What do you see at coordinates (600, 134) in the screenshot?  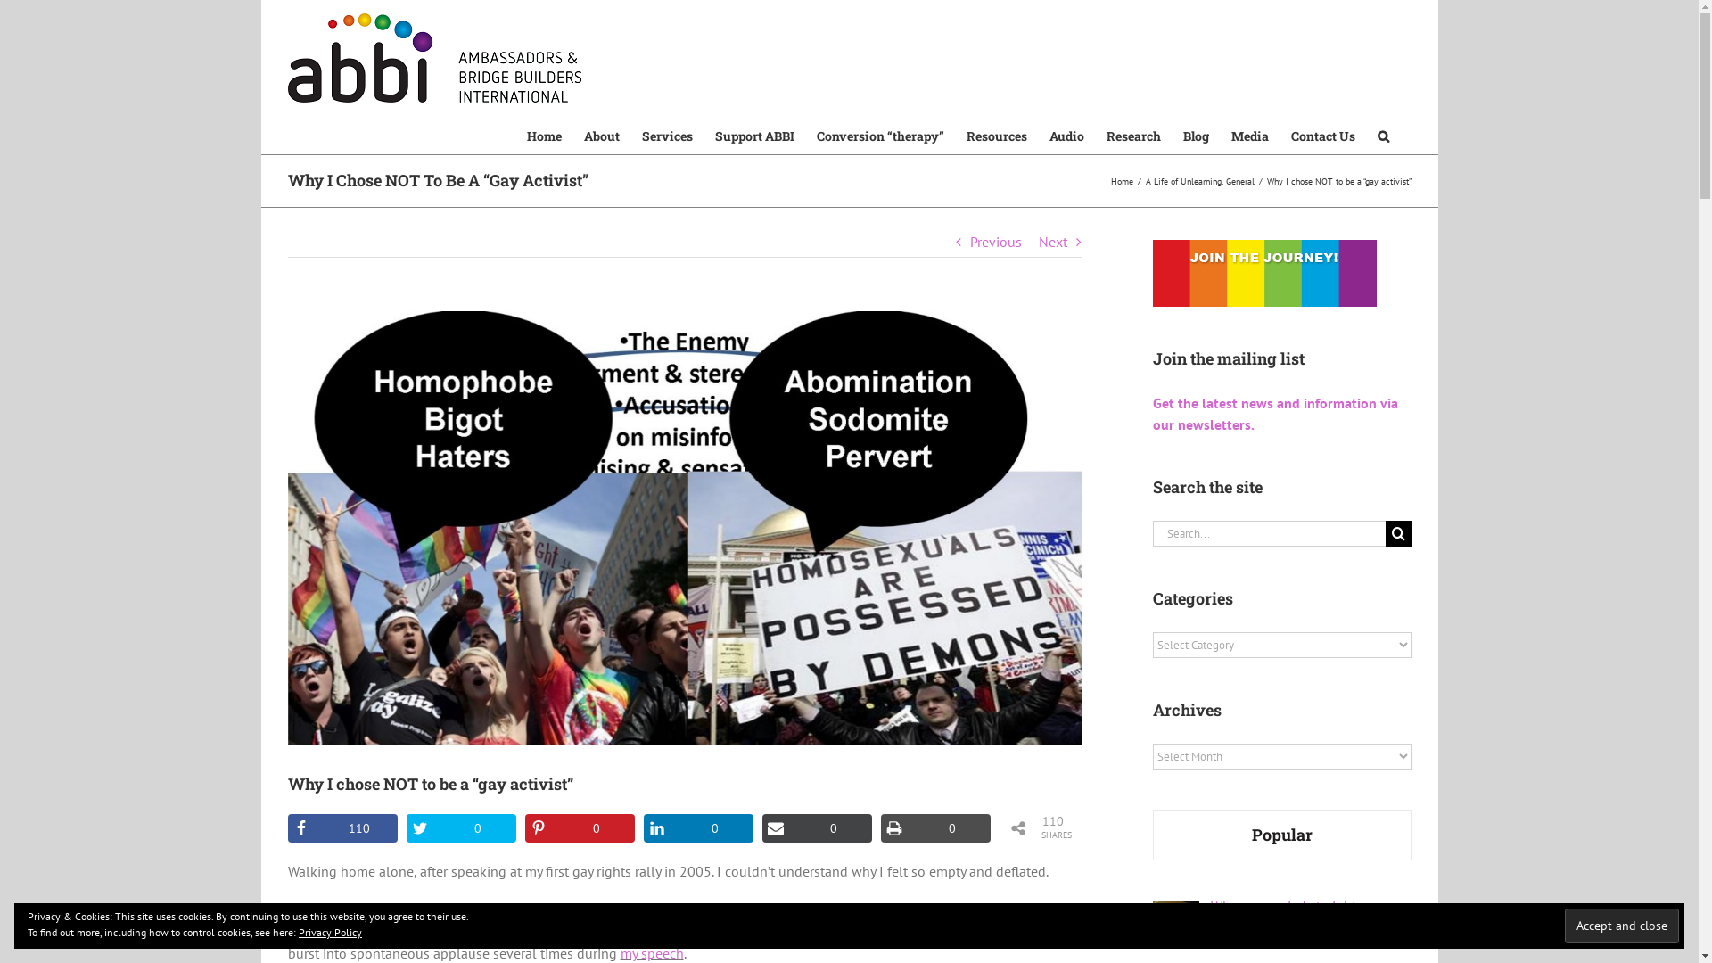 I see `'About'` at bounding box center [600, 134].